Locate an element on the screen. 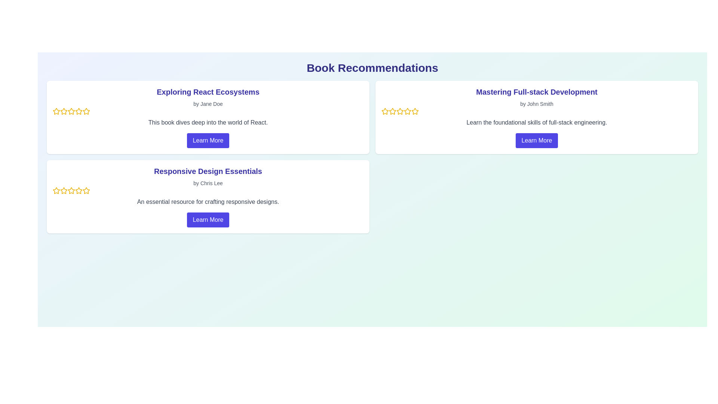 The height and width of the screenshot is (404, 718). the leftmost golden star icon in the rating row of the card titled 'Exploring React Ecosystems' is located at coordinates (56, 111).